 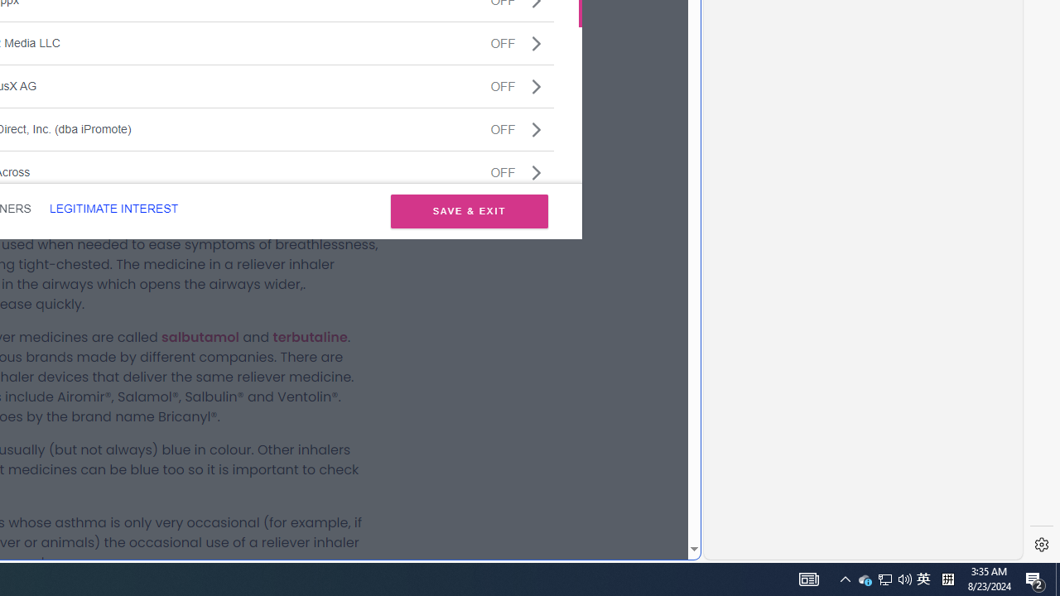 I want to click on 'salbutamol', so click(x=199, y=336).